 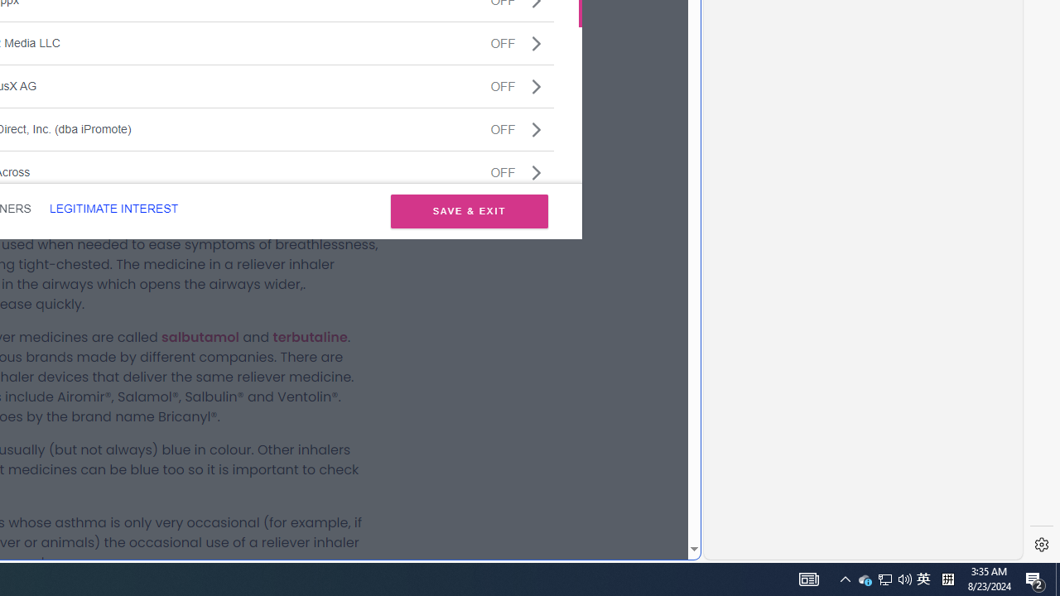 I want to click on 'salbutamol', so click(x=199, y=336).